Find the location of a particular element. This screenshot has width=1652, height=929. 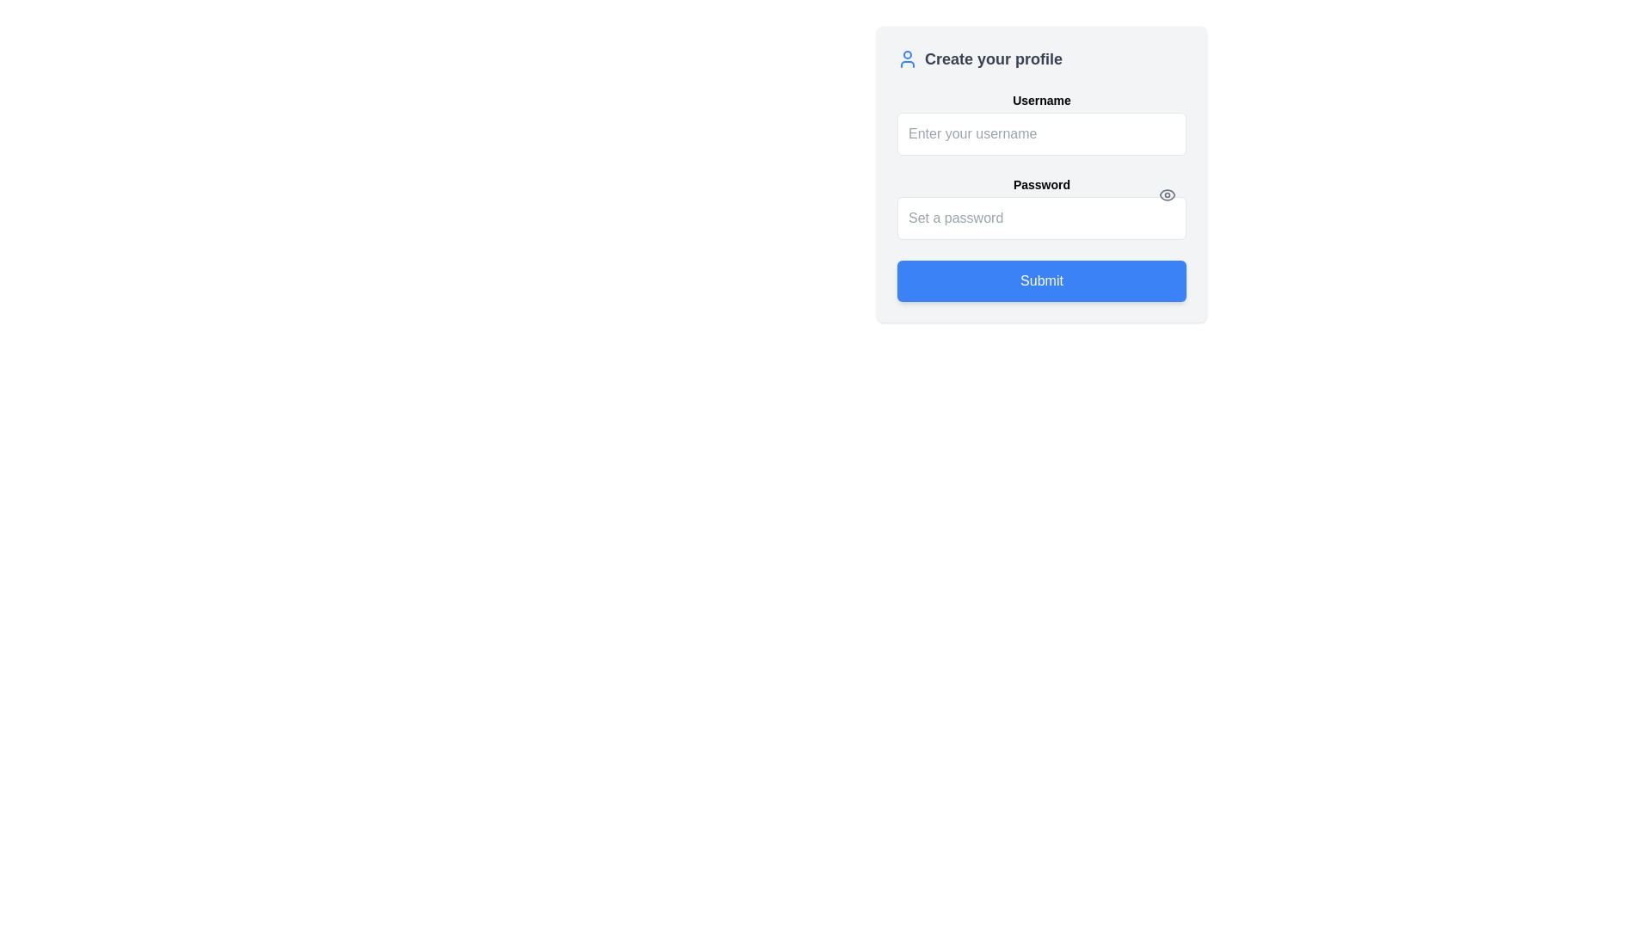

the password visibility toggle button located at the right end of the 'Password' input field is located at coordinates (1168, 194).